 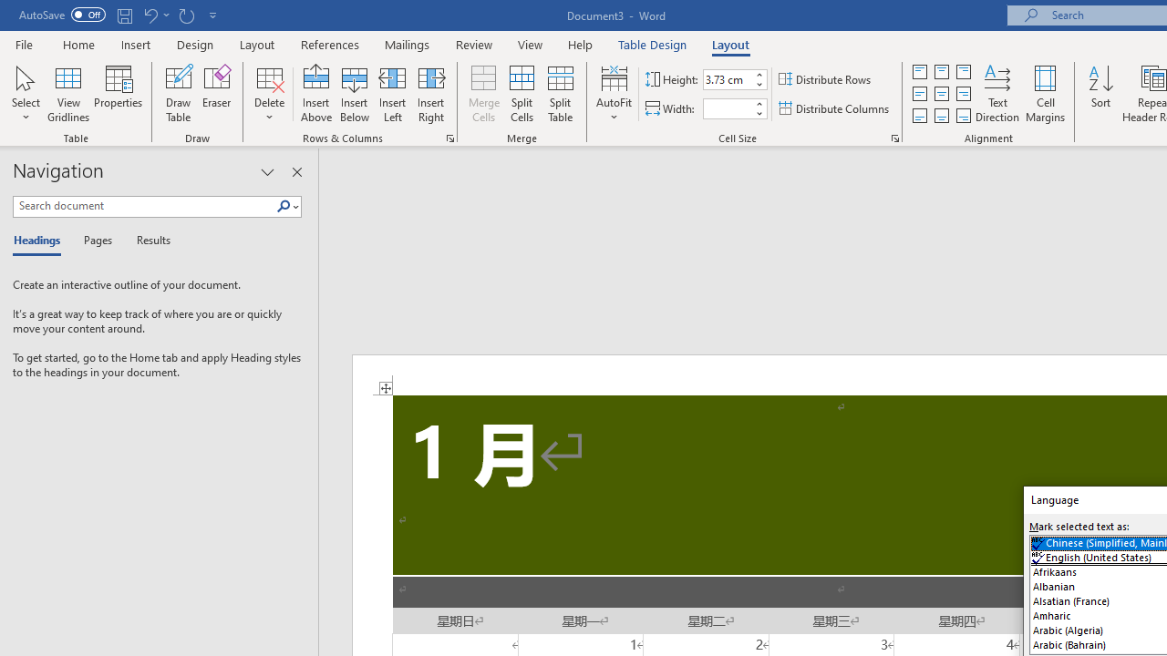 I want to click on 'Search', so click(x=283, y=206).